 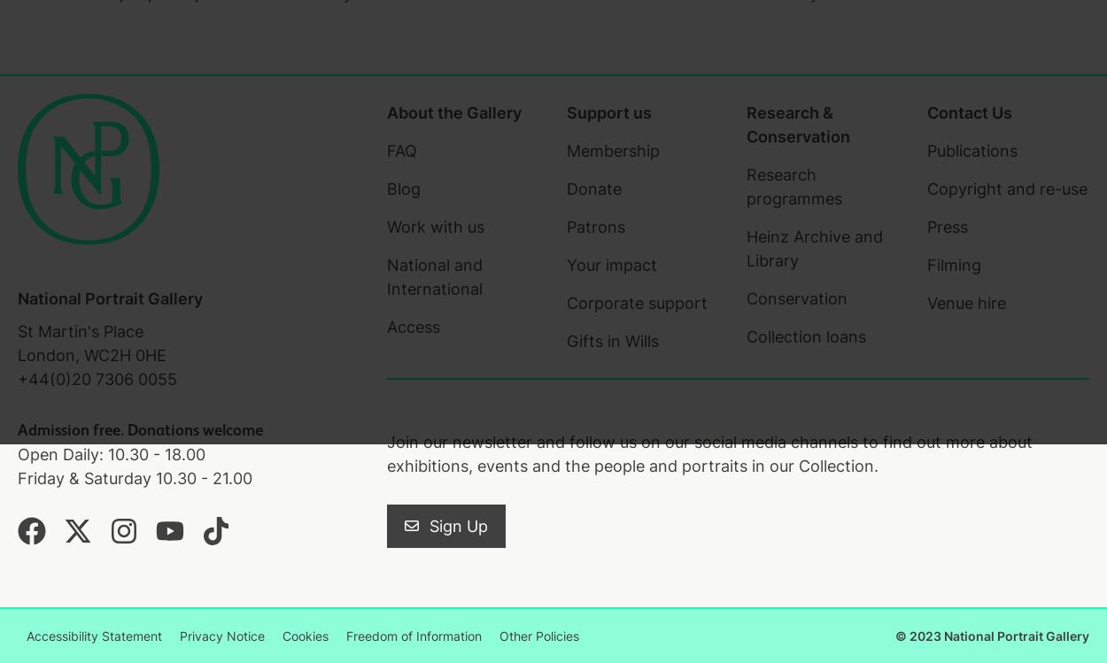 I want to click on 'Gifts in Wills', so click(x=611, y=339).